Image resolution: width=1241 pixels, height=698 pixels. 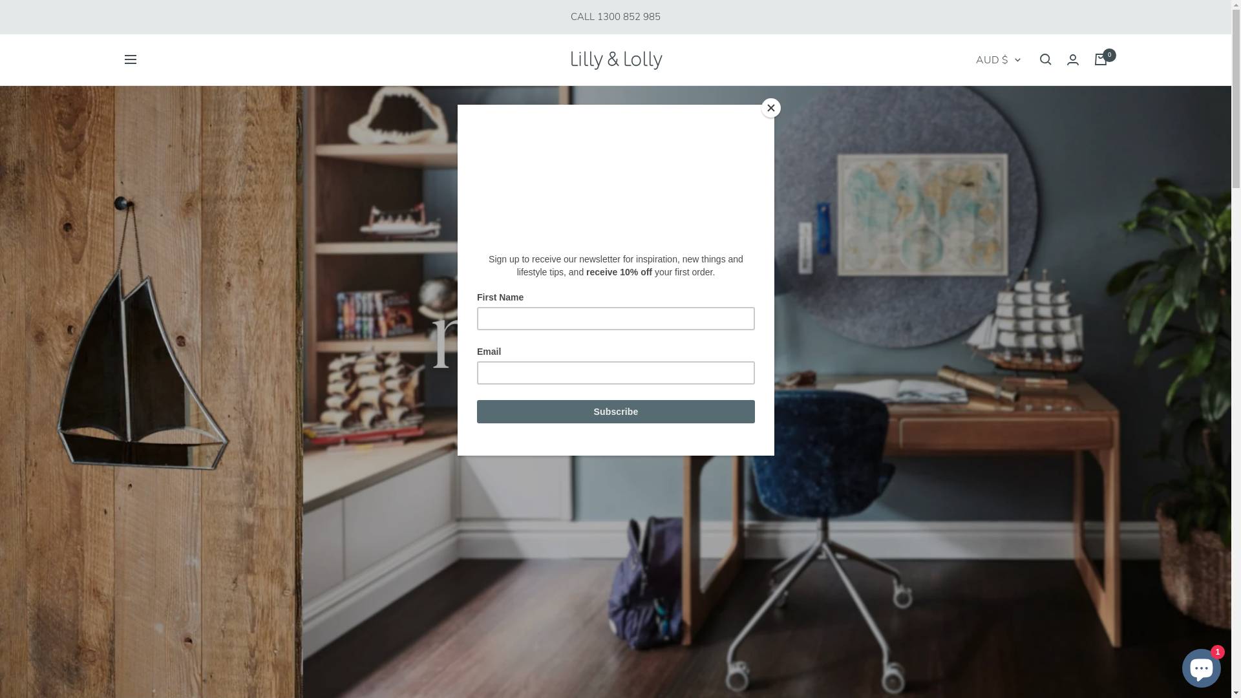 I want to click on 'AUD $', so click(x=997, y=60).